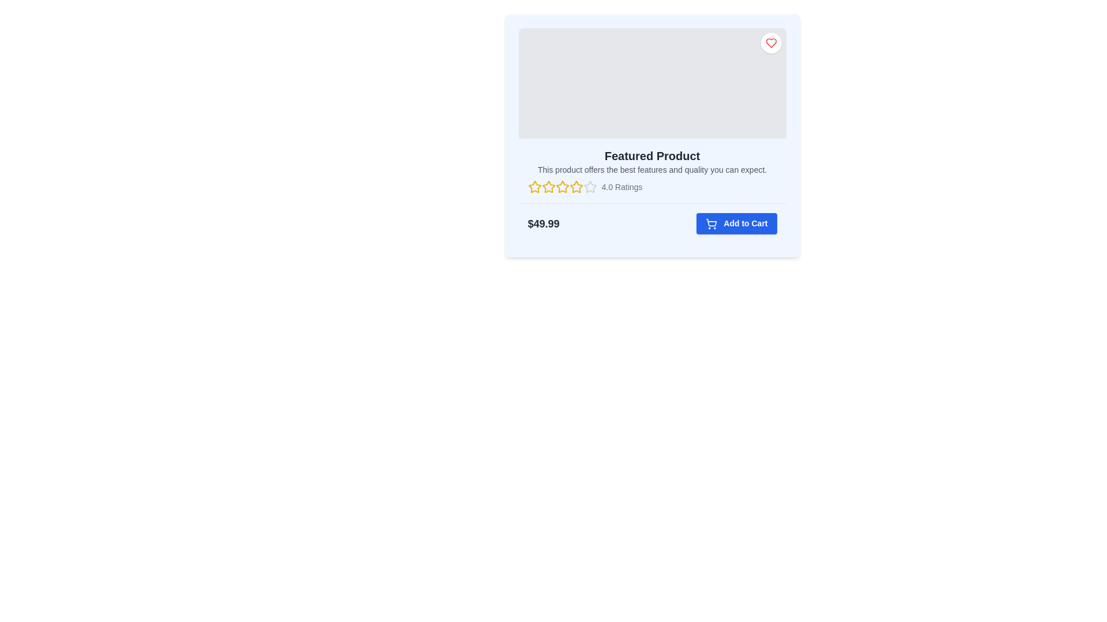 This screenshot has width=1107, height=622. I want to click on the text label that reads 'This product offers the best features and quality you can expect.' which is positioned below the 'Featured Product' title and above the star rating indicator, so click(652, 169).